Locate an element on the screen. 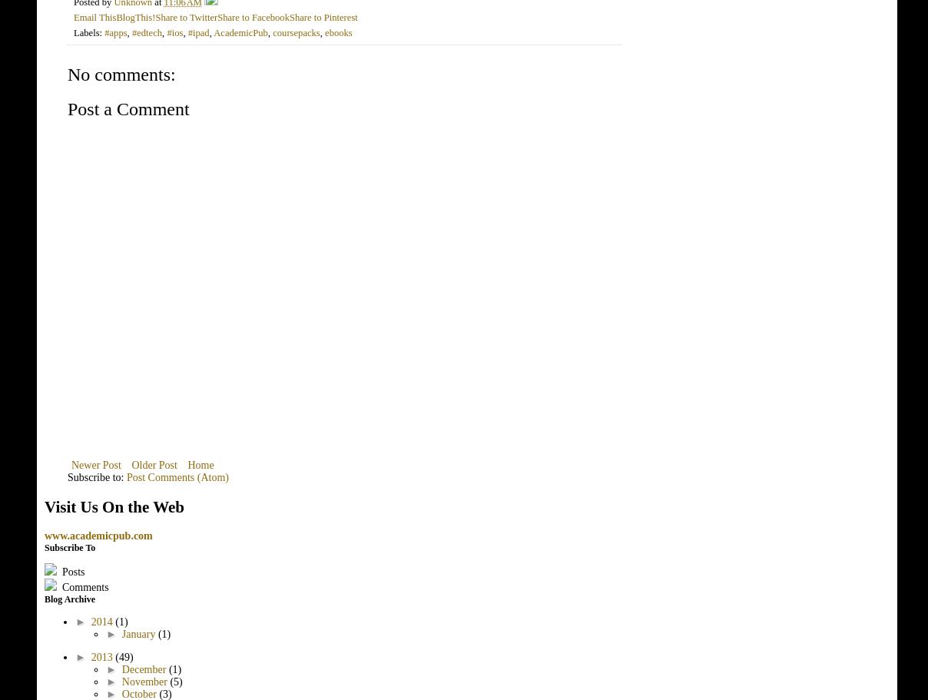 This screenshot has width=928, height=700. 'Older Post' is located at coordinates (154, 464).